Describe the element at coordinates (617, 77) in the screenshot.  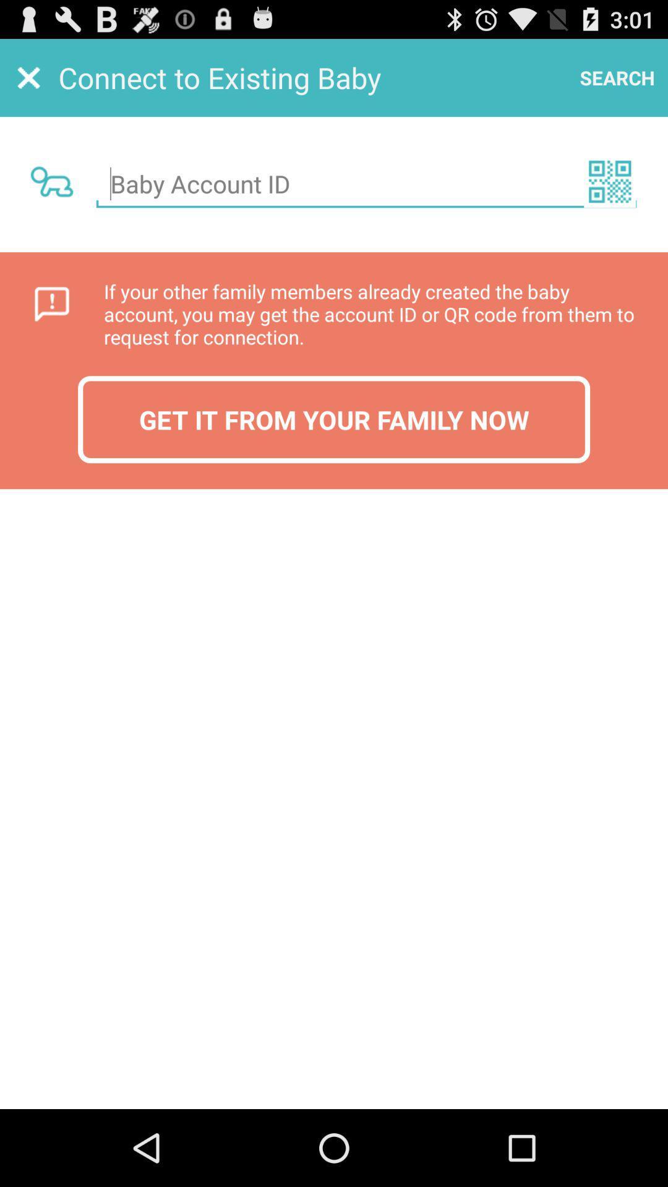
I see `the item next to connect to existing app` at that location.